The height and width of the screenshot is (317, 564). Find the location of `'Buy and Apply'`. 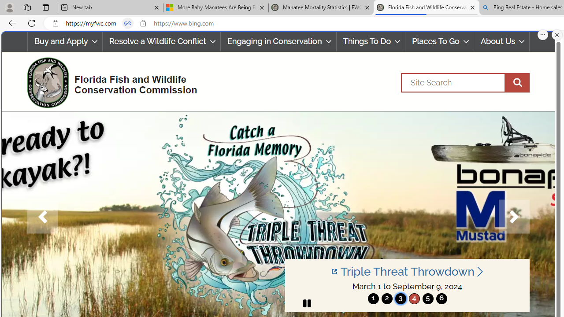

'Buy and Apply' is located at coordinates (64, 41).